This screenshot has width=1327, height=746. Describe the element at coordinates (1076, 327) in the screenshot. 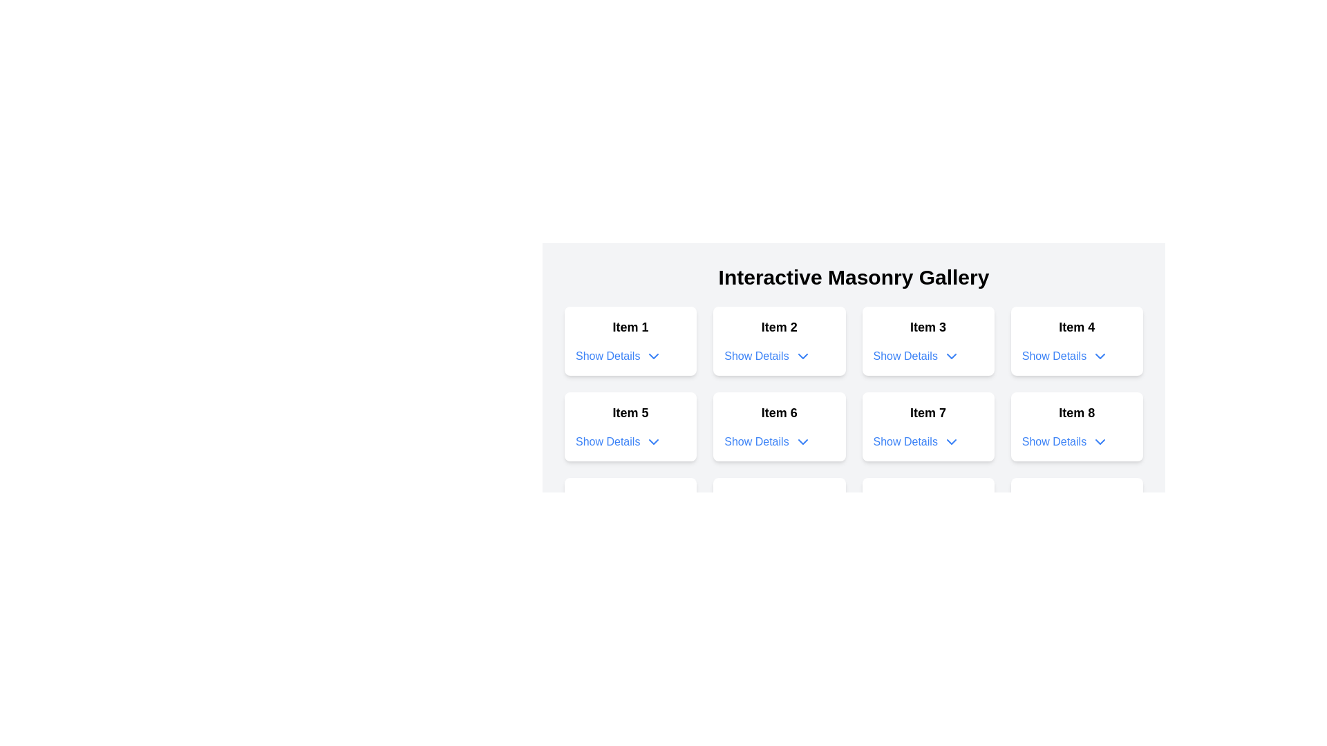

I see `the bold text label reading 'Item 4' located in the top-right corner of a grid row of 4 items` at that location.